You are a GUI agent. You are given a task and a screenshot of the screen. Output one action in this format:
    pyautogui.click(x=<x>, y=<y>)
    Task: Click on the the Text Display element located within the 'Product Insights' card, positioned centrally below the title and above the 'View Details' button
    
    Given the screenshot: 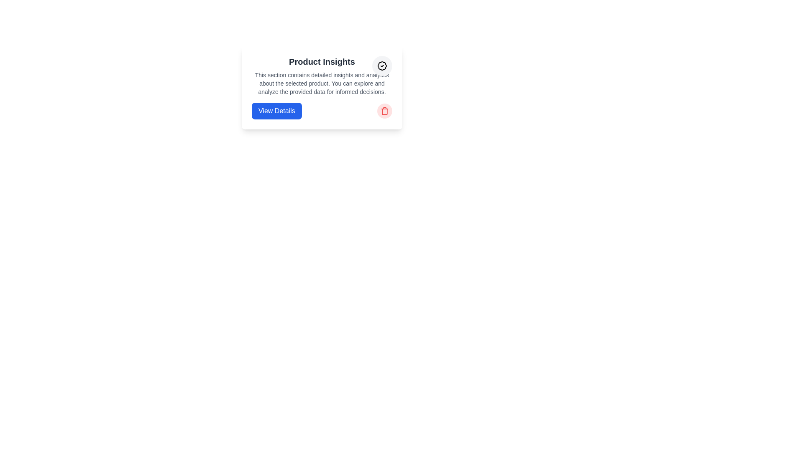 What is the action you would take?
    pyautogui.click(x=321, y=84)
    